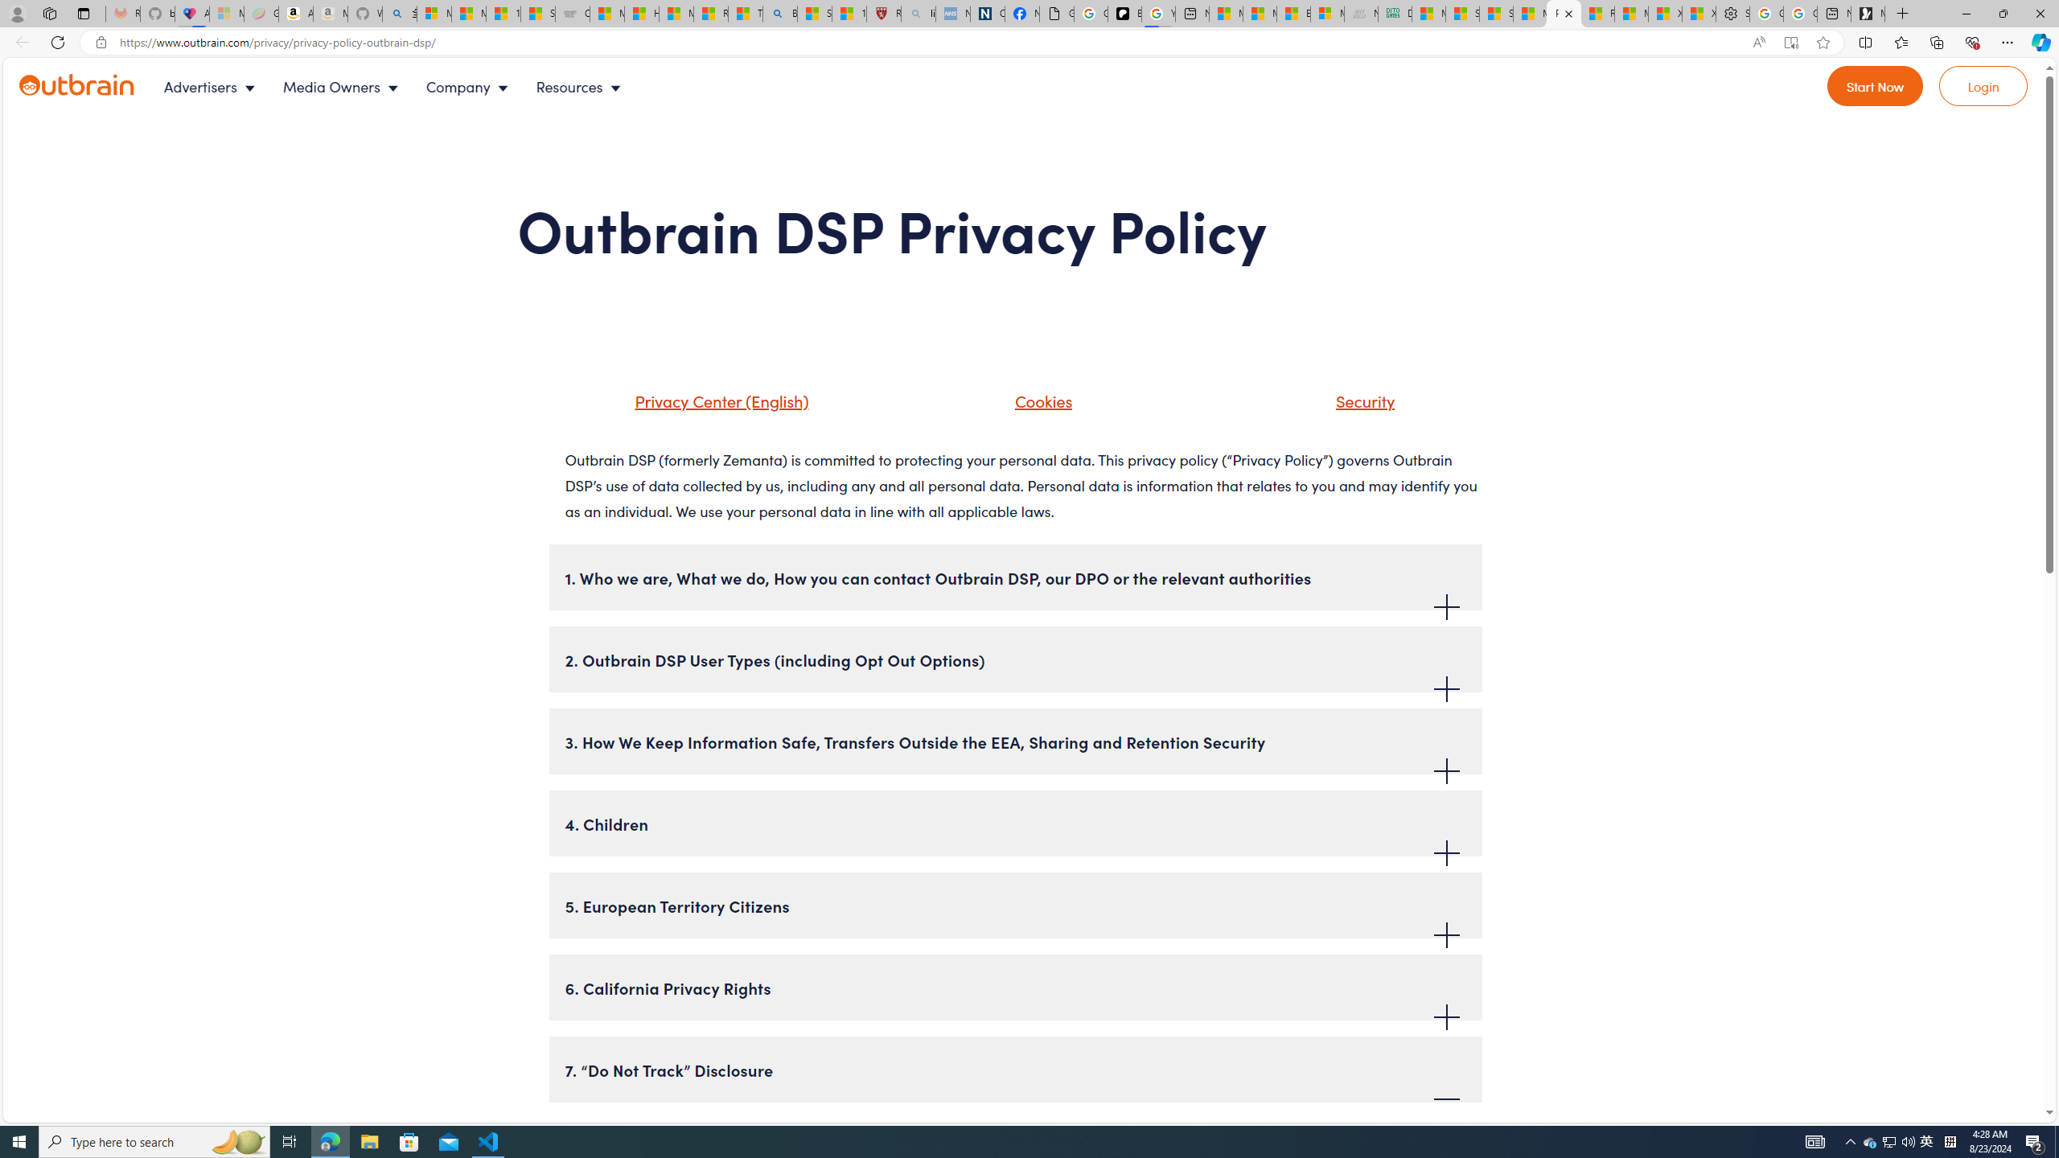 This screenshot has height=1158, width=2059. Describe the element at coordinates (581, 86) in the screenshot. I see `'Resources'` at that location.